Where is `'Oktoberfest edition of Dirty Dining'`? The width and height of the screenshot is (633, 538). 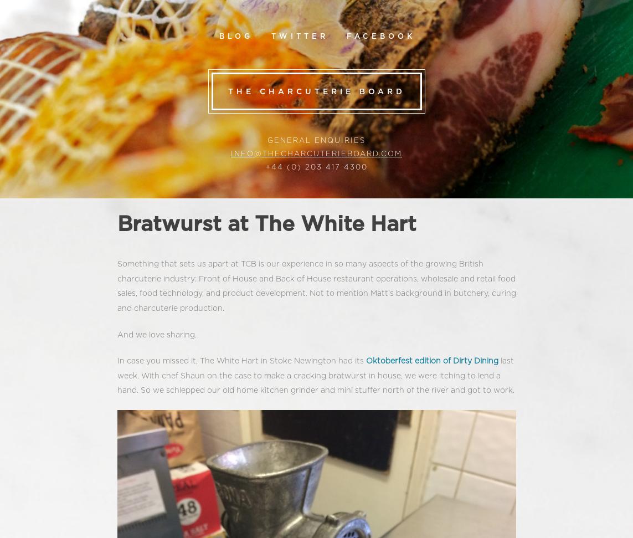 'Oktoberfest edition of Dirty Dining' is located at coordinates (431, 361).